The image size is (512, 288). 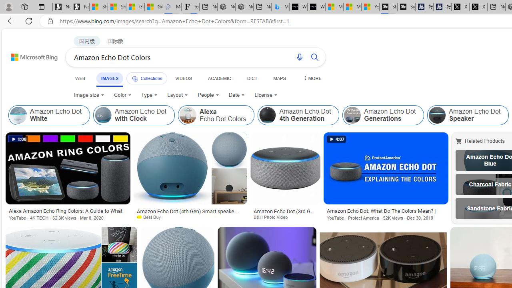 I want to click on 'People', so click(x=208, y=94).